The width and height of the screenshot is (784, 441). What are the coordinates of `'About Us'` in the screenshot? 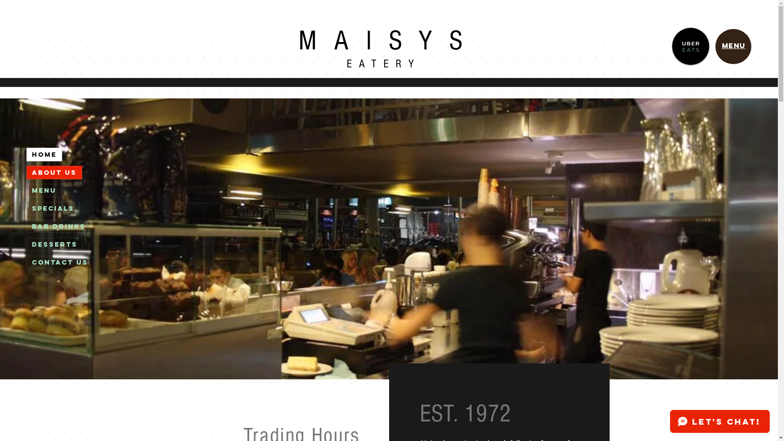 It's located at (27, 172).